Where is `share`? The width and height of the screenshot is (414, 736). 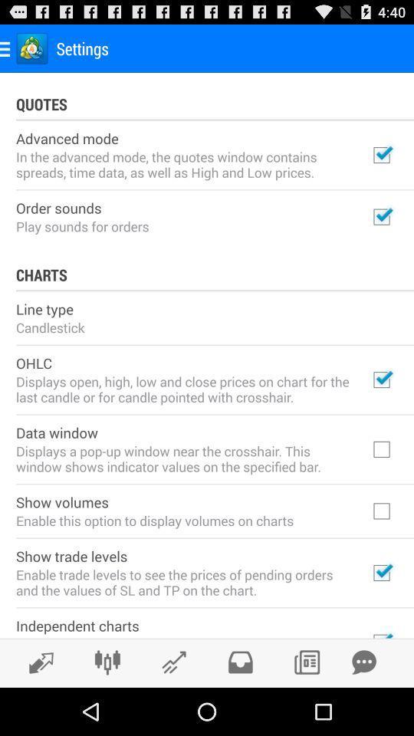 share is located at coordinates (37, 662).